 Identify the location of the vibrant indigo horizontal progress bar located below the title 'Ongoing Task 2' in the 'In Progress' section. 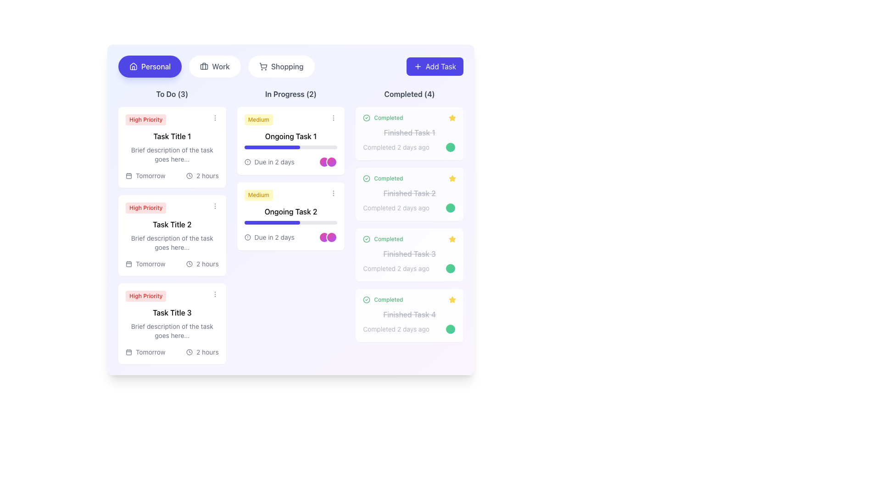
(272, 223).